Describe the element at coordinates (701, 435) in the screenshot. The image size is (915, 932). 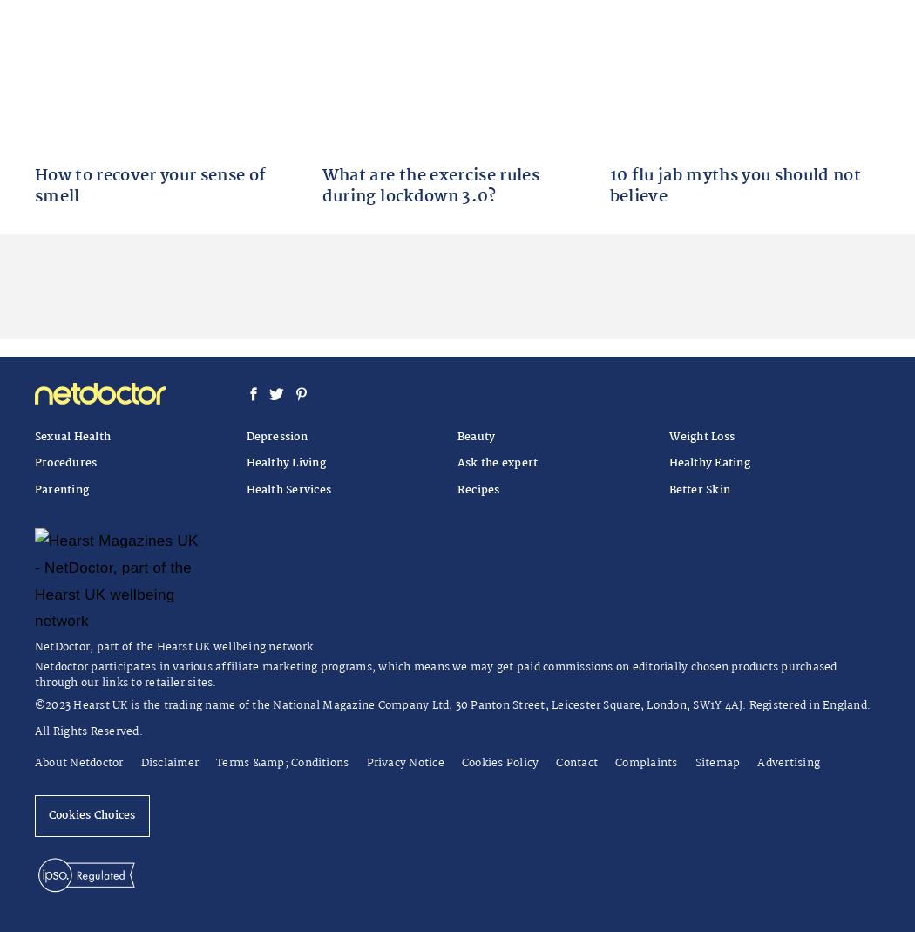
I see `'Weight Loss'` at that location.